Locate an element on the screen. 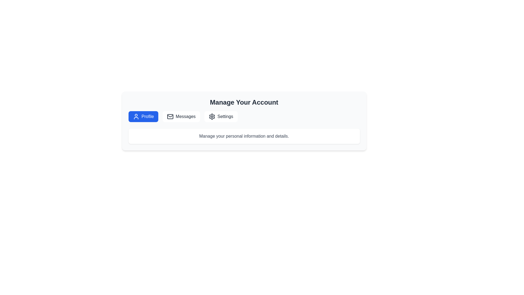 The height and width of the screenshot is (295, 524). the gear icon in the 'Settings' tab section, which represents settings-related functionalities in the 'Manage Your Account' interface is located at coordinates (212, 116).